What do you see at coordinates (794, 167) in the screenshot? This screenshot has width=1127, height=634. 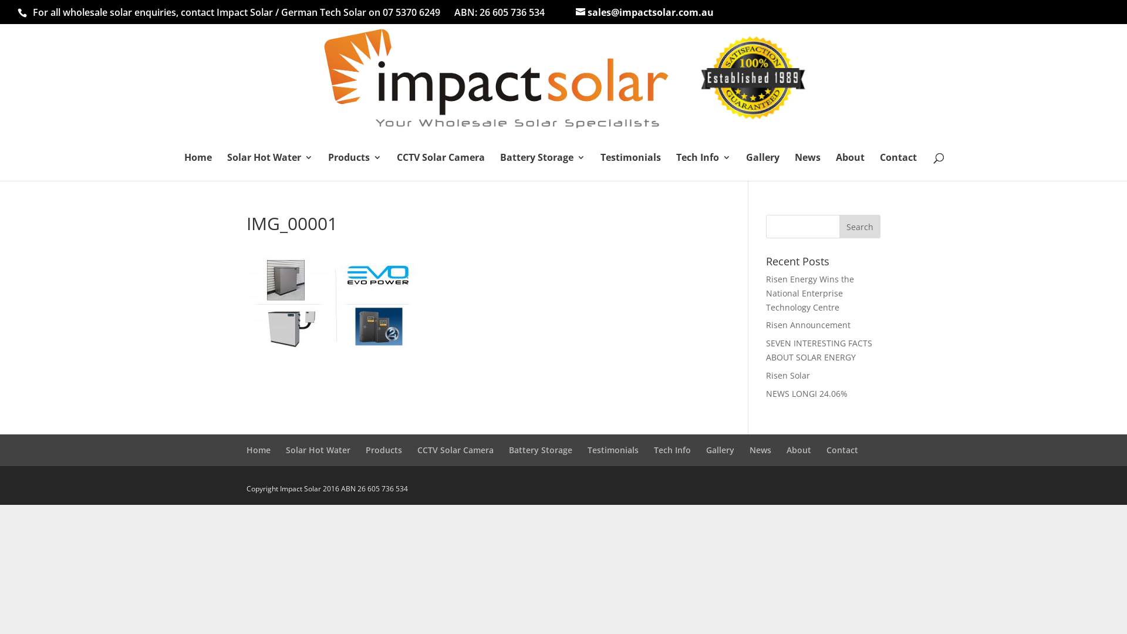 I see `'News'` at bounding box center [794, 167].